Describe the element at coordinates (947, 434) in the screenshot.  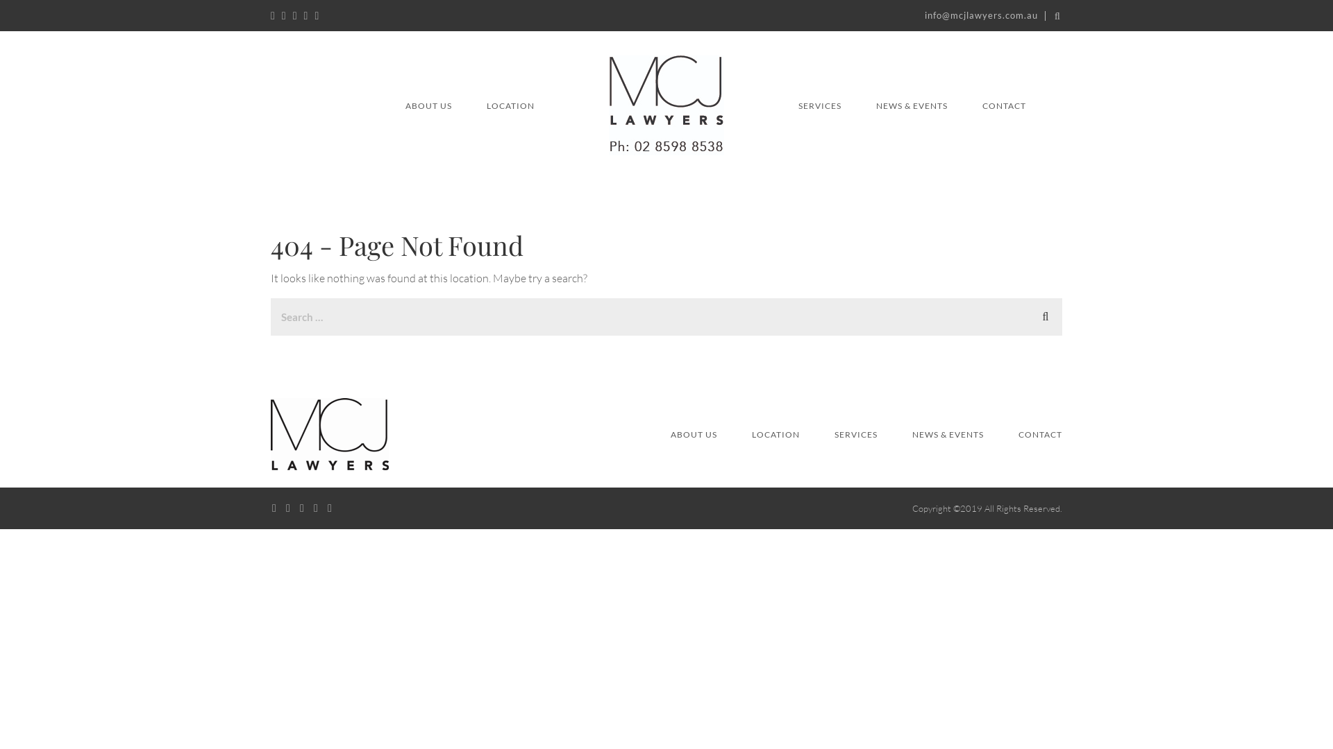
I see `'NEWS & EVENTS'` at that location.